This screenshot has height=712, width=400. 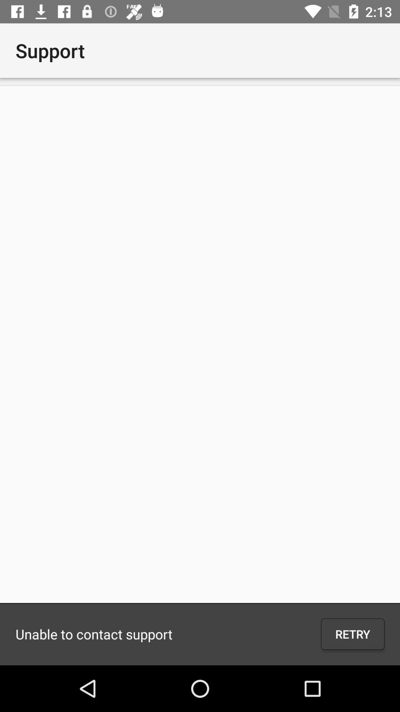 I want to click on icon at the bottom right corner, so click(x=352, y=633).